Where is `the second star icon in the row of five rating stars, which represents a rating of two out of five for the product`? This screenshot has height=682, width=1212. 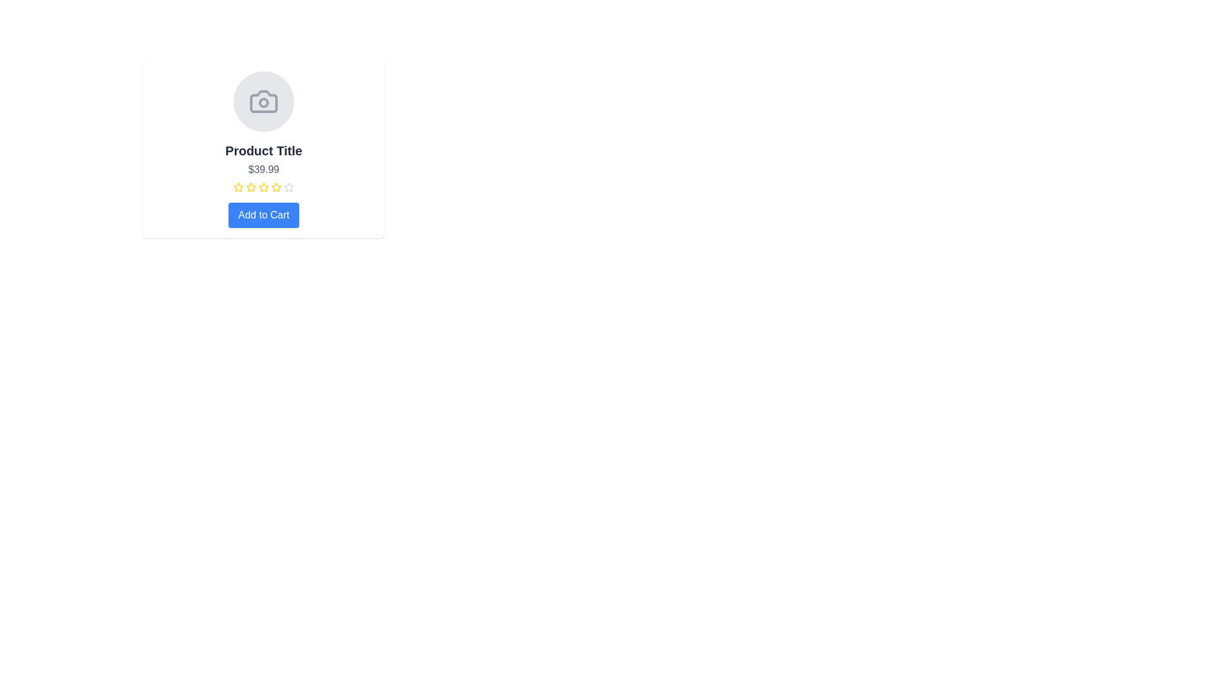 the second star icon in the row of five rating stars, which represents a rating of two out of five for the product is located at coordinates (239, 187).